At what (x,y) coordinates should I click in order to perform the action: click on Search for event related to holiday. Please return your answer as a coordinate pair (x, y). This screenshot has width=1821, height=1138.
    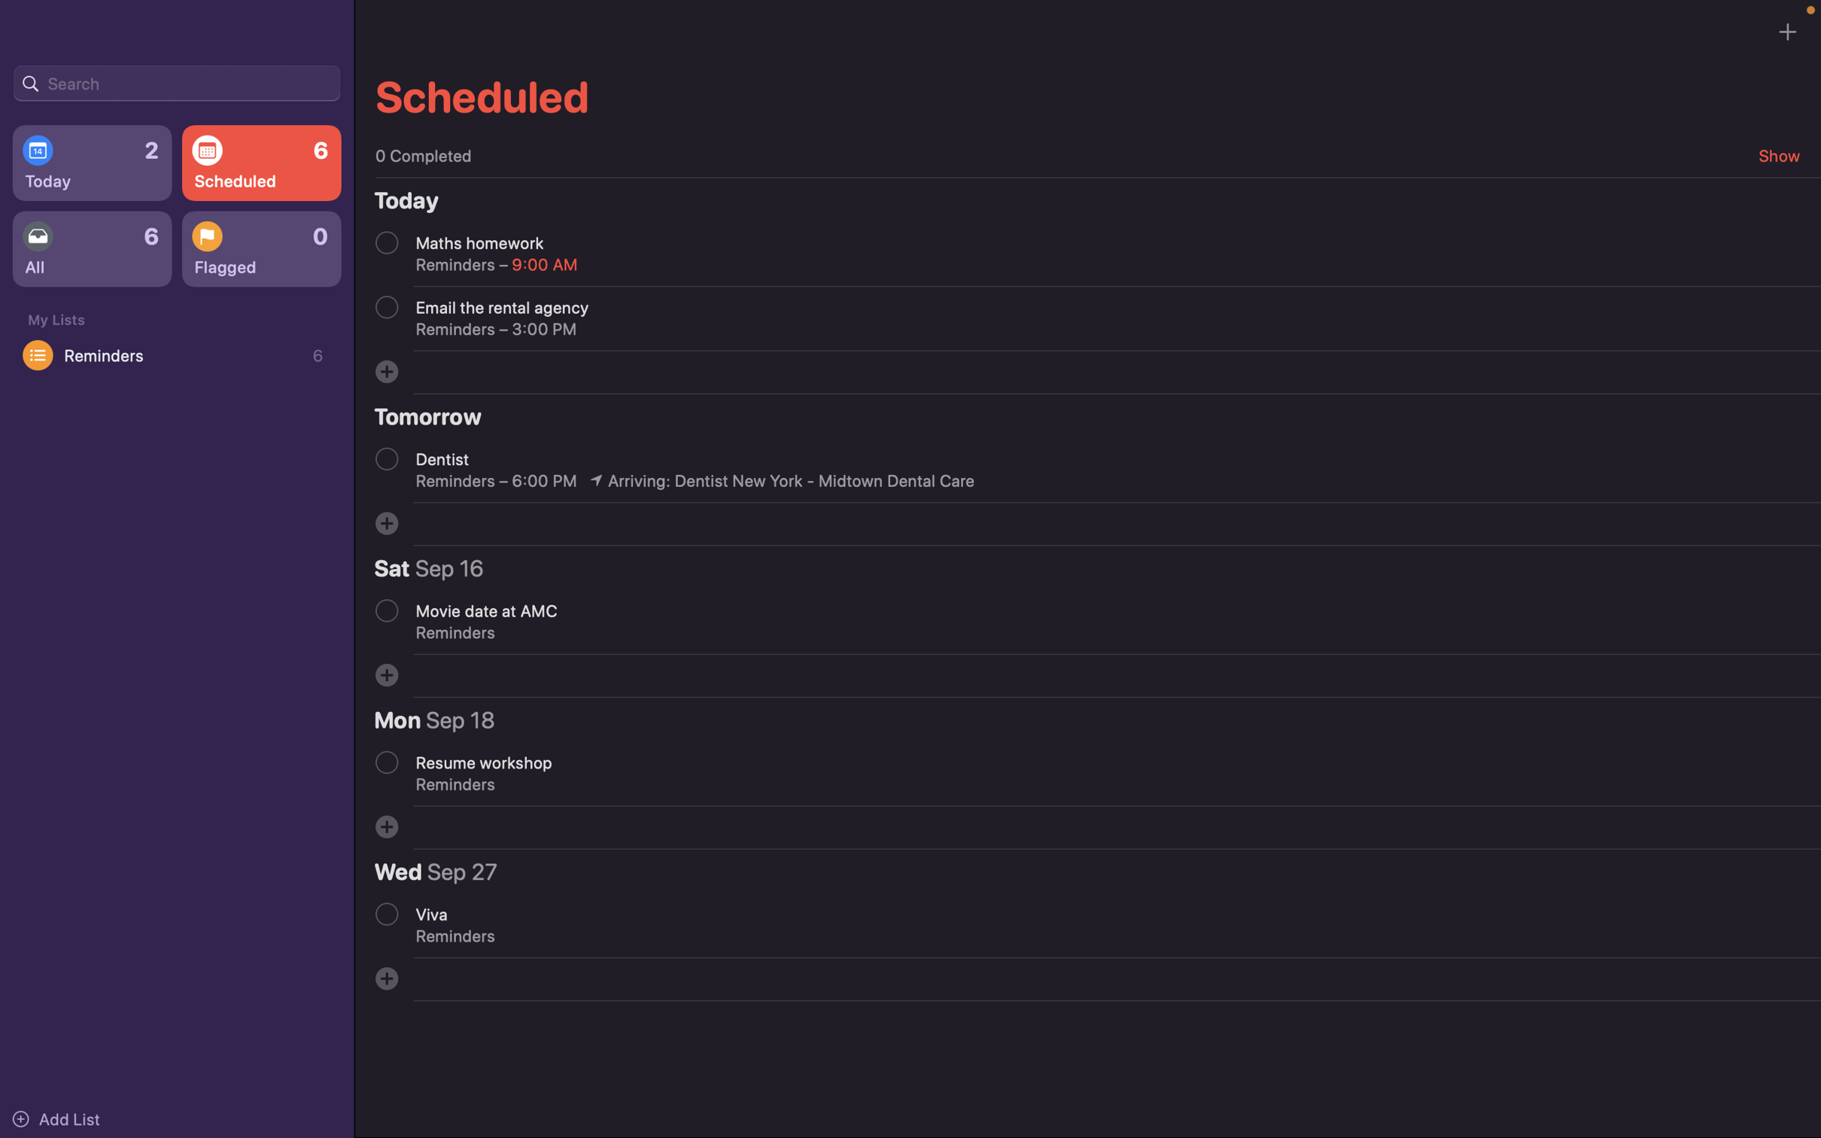
    Looking at the image, I should click on (176, 81).